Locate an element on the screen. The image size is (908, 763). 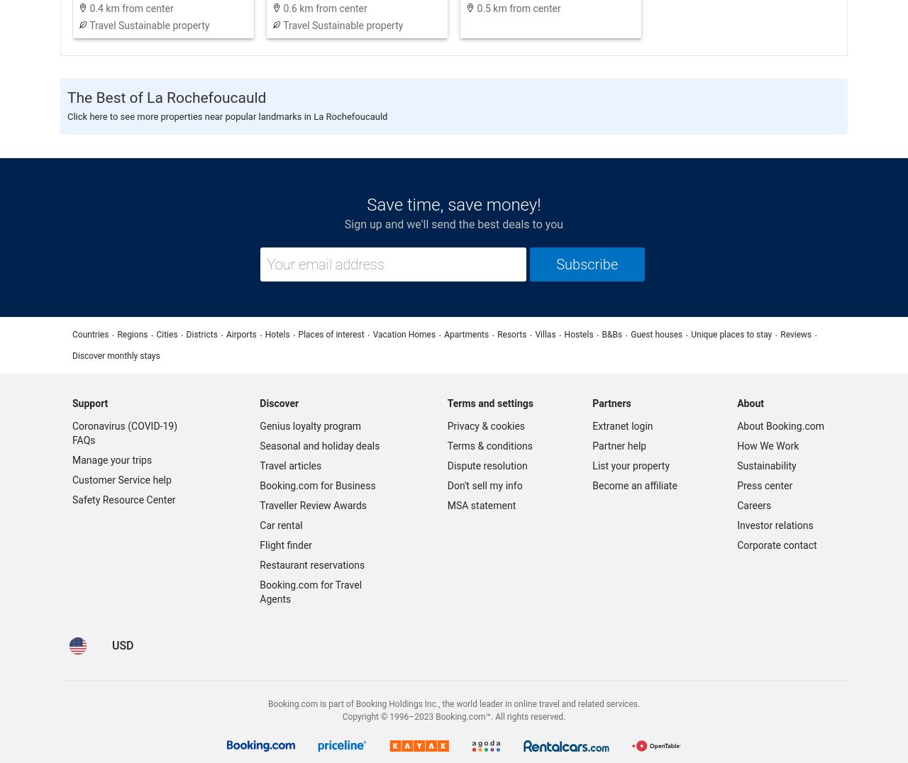
'Hotels' is located at coordinates (277, 333).